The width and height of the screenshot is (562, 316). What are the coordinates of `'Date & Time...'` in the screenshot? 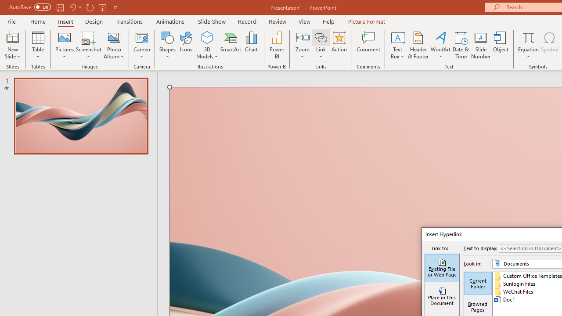 It's located at (461, 45).